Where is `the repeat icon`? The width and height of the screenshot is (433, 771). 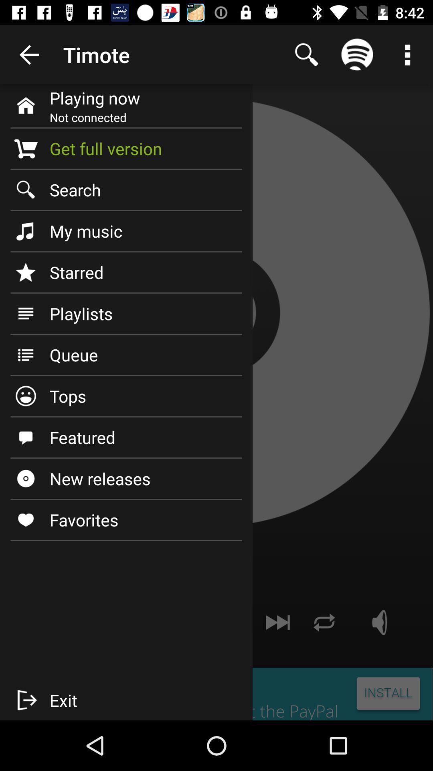
the repeat icon is located at coordinates (324, 622).